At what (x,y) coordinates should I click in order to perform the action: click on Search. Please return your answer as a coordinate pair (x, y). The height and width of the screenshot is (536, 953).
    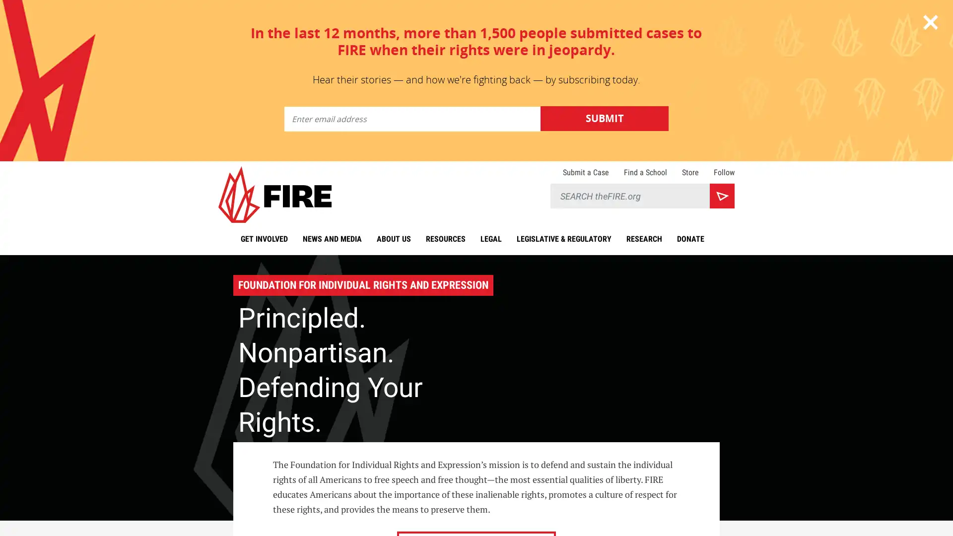
    Looking at the image, I should click on (722, 196).